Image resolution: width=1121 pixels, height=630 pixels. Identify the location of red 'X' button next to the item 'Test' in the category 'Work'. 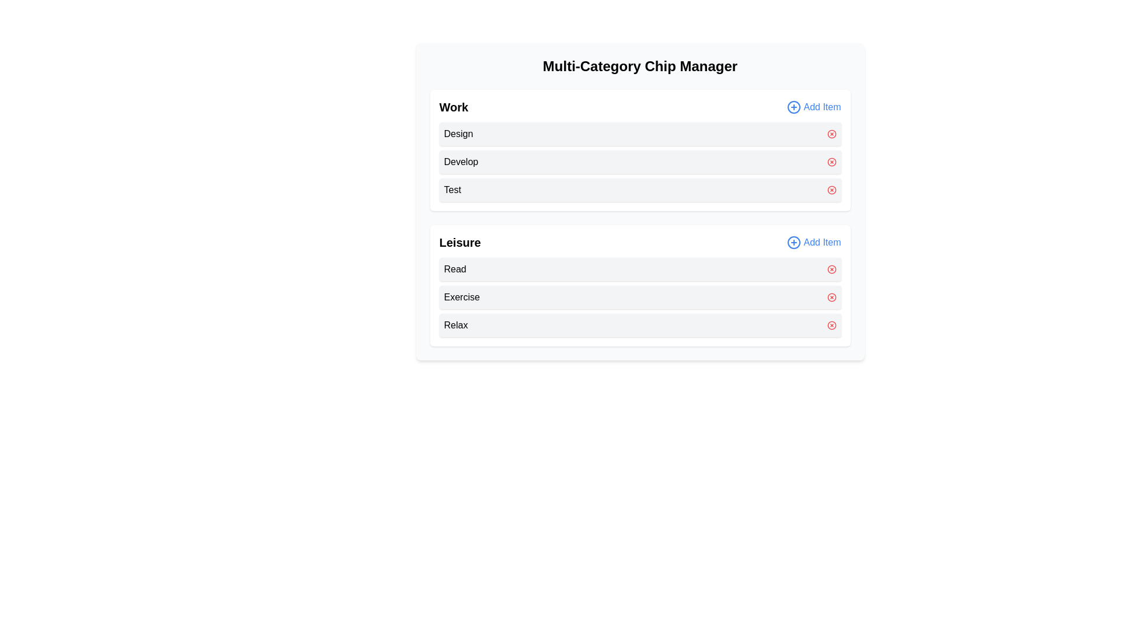
(831, 190).